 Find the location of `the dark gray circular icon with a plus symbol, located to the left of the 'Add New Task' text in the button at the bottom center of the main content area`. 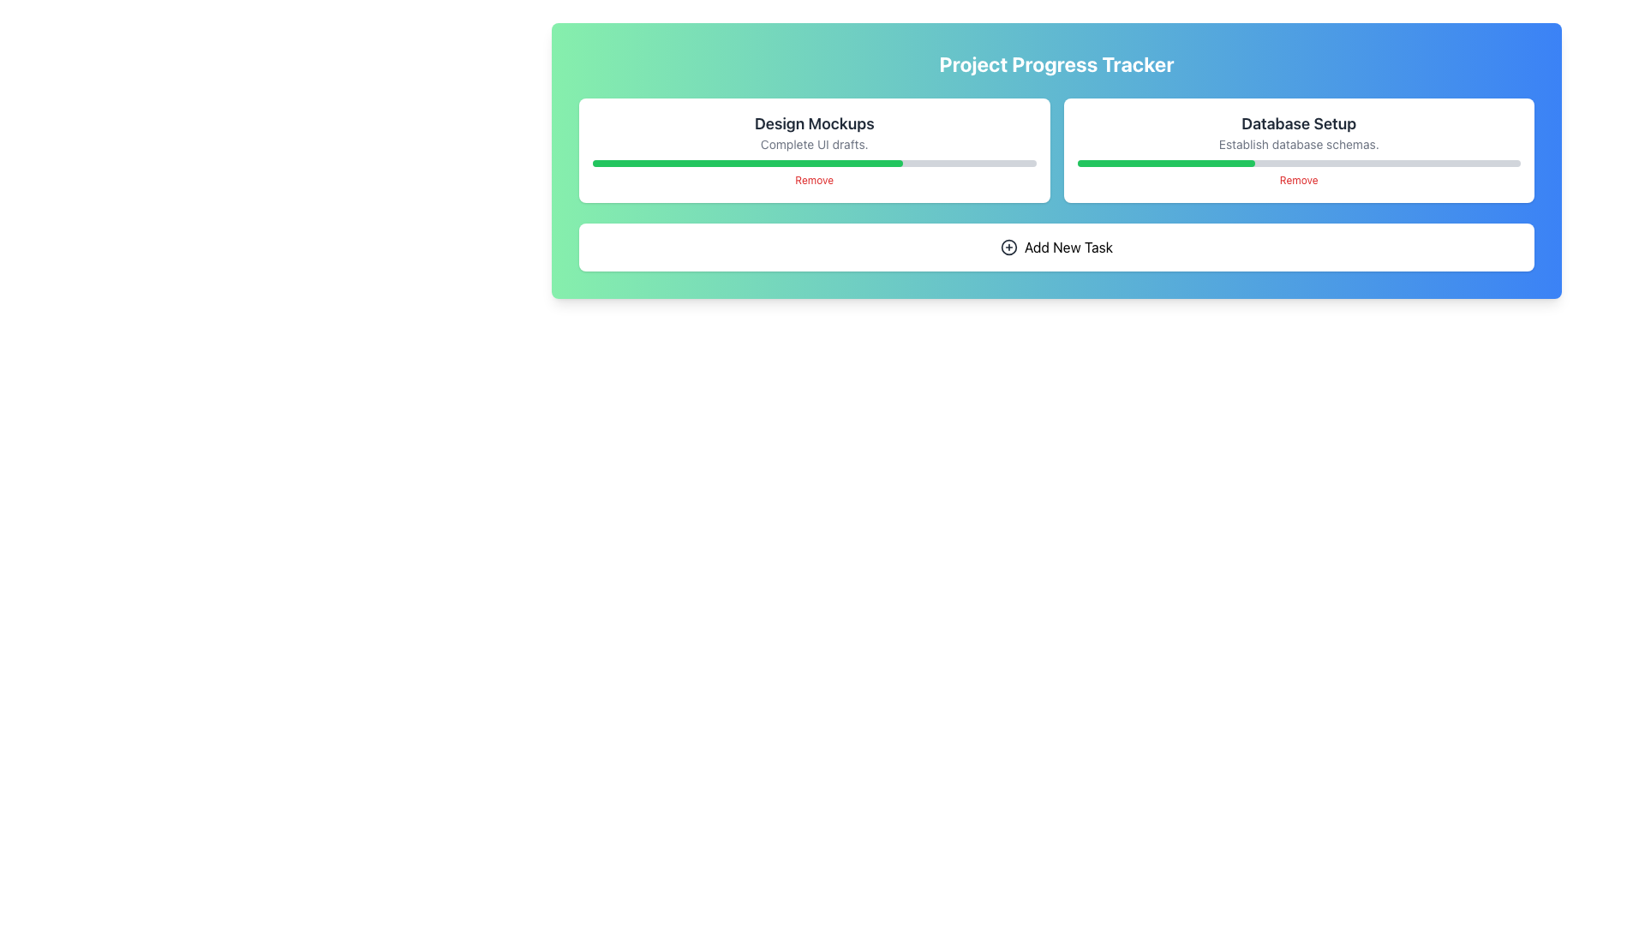

the dark gray circular icon with a plus symbol, located to the left of the 'Add New Task' text in the button at the bottom center of the main content area is located at coordinates (1008, 248).